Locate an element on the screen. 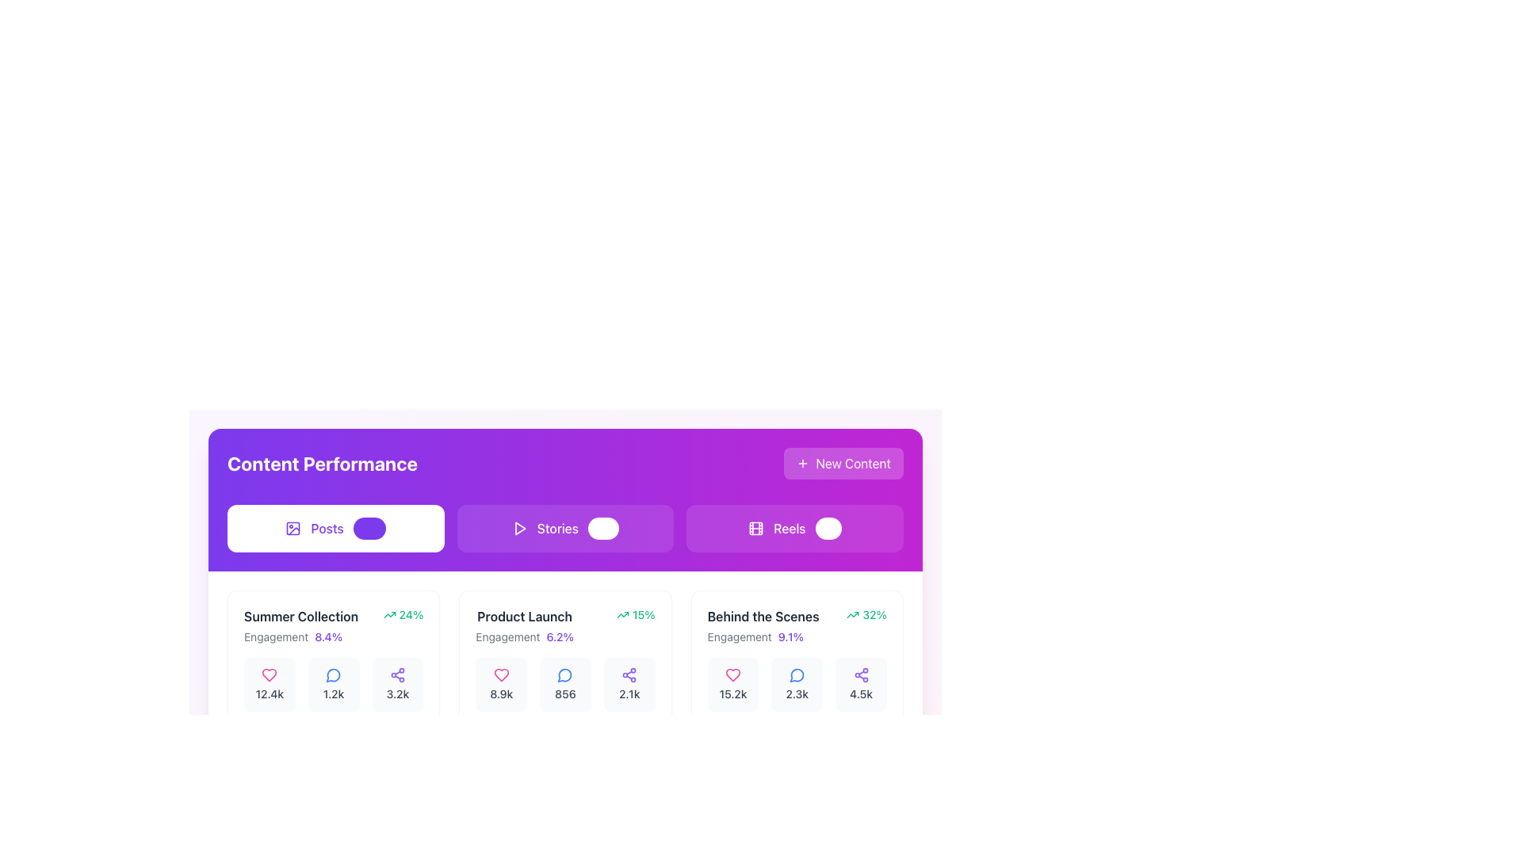 The image size is (1522, 856). the triangular icon representing the 'Stories' section, located centrally at the top of the interface to the left of the toggle switch in the 'Content Performance' section is located at coordinates (520, 529).